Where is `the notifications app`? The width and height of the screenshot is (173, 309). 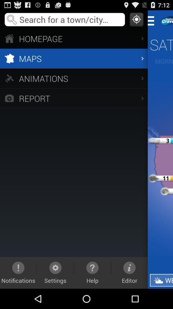 the notifications app is located at coordinates (18, 272).